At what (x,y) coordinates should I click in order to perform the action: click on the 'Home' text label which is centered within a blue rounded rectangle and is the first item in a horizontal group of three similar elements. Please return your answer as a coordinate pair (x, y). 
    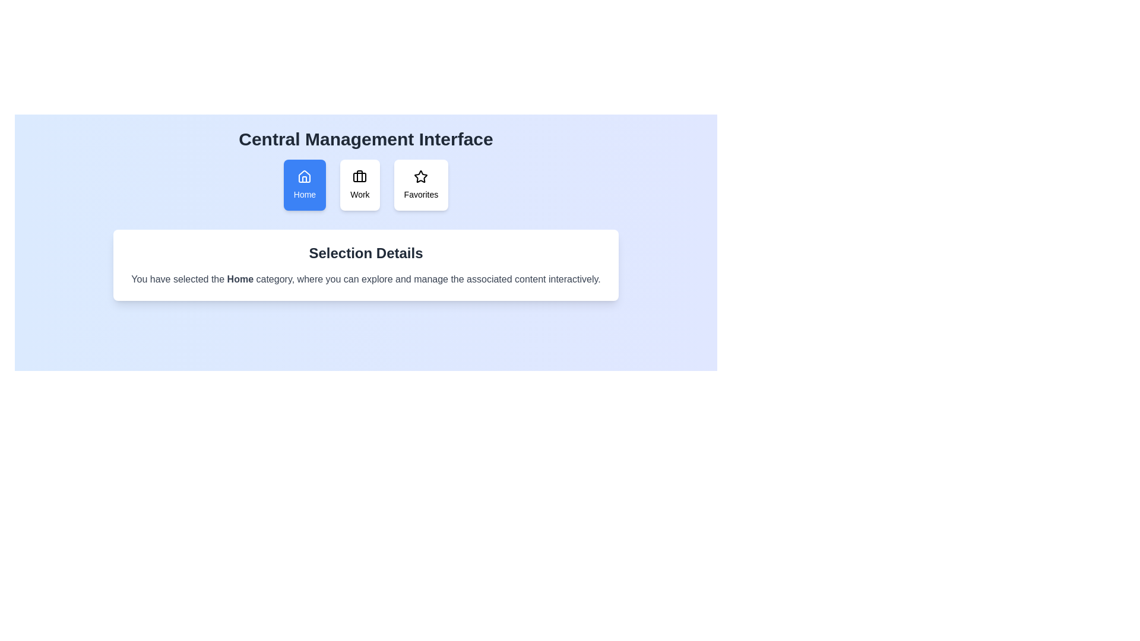
    Looking at the image, I should click on (305, 193).